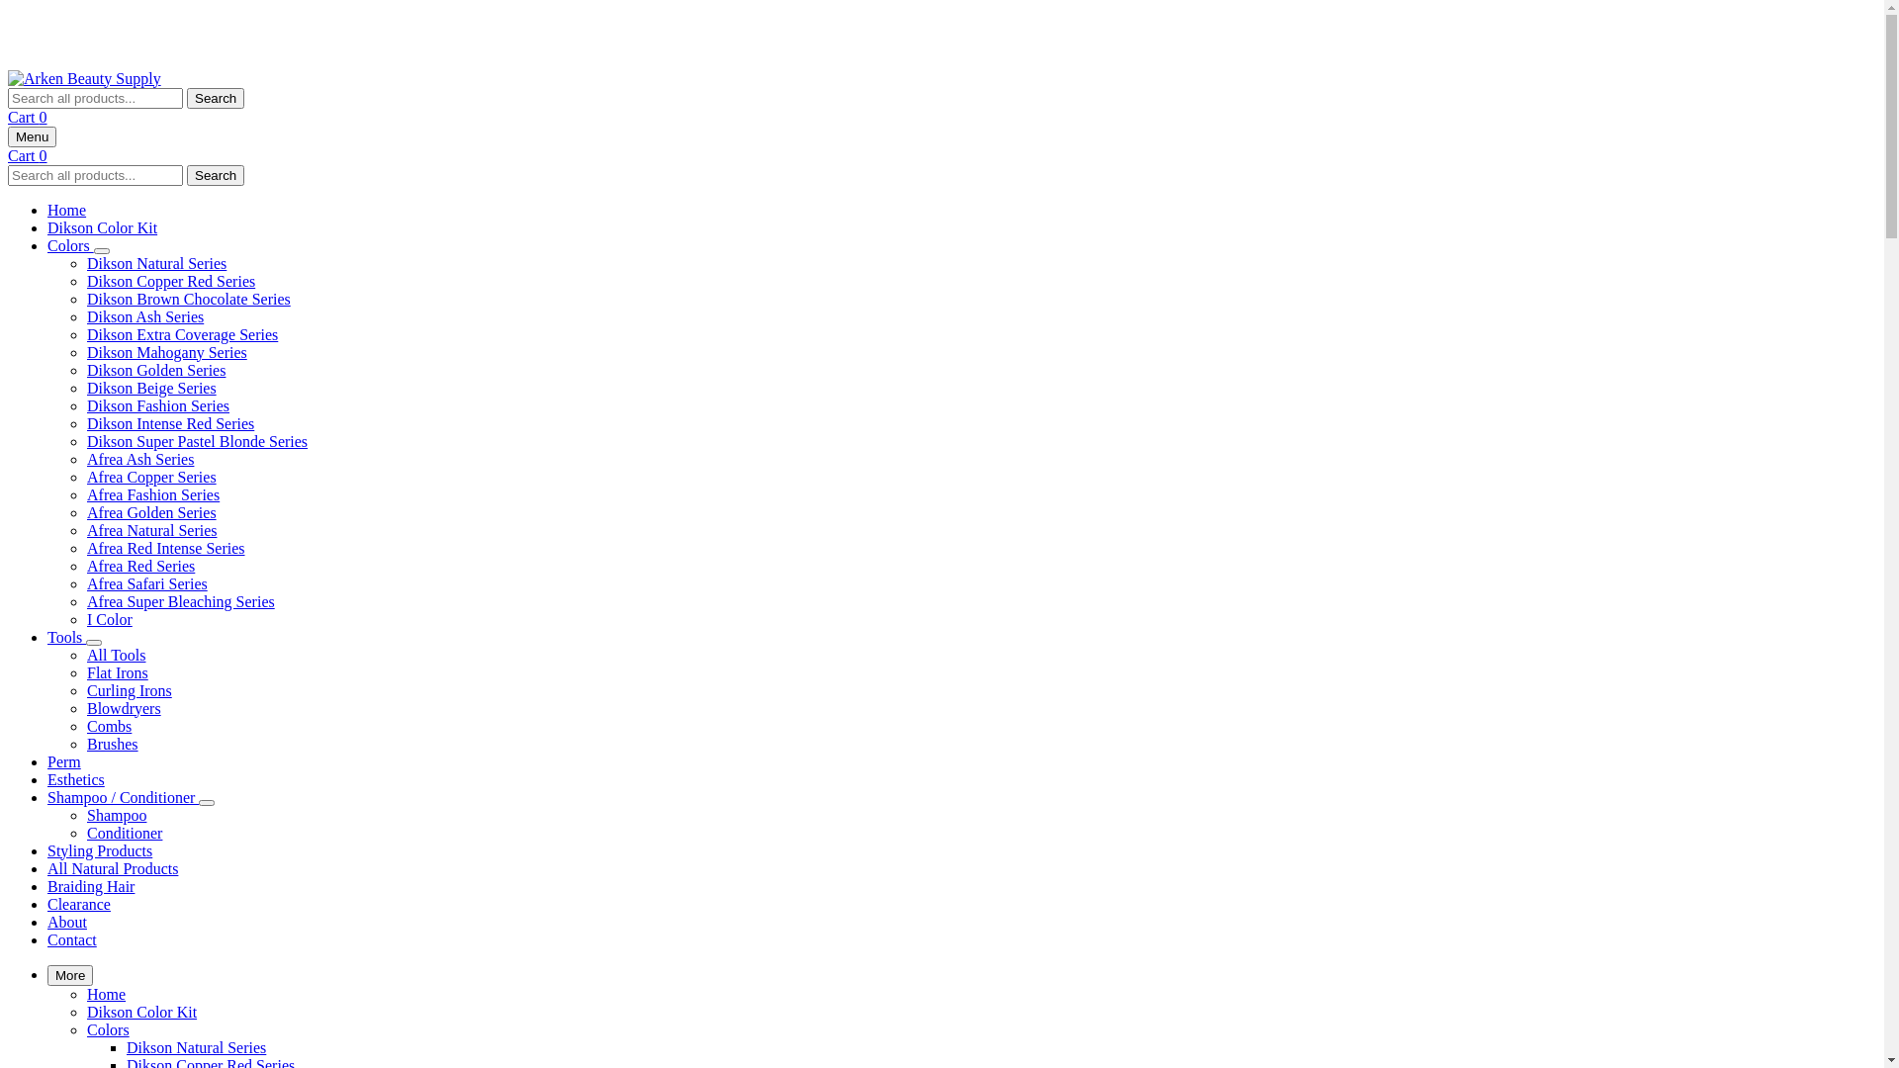 The width and height of the screenshot is (1899, 1068). What do you see at coordinates (98, 849) in the screenshot?
I see `'Styling Products'` at bounding box center [98, 849].